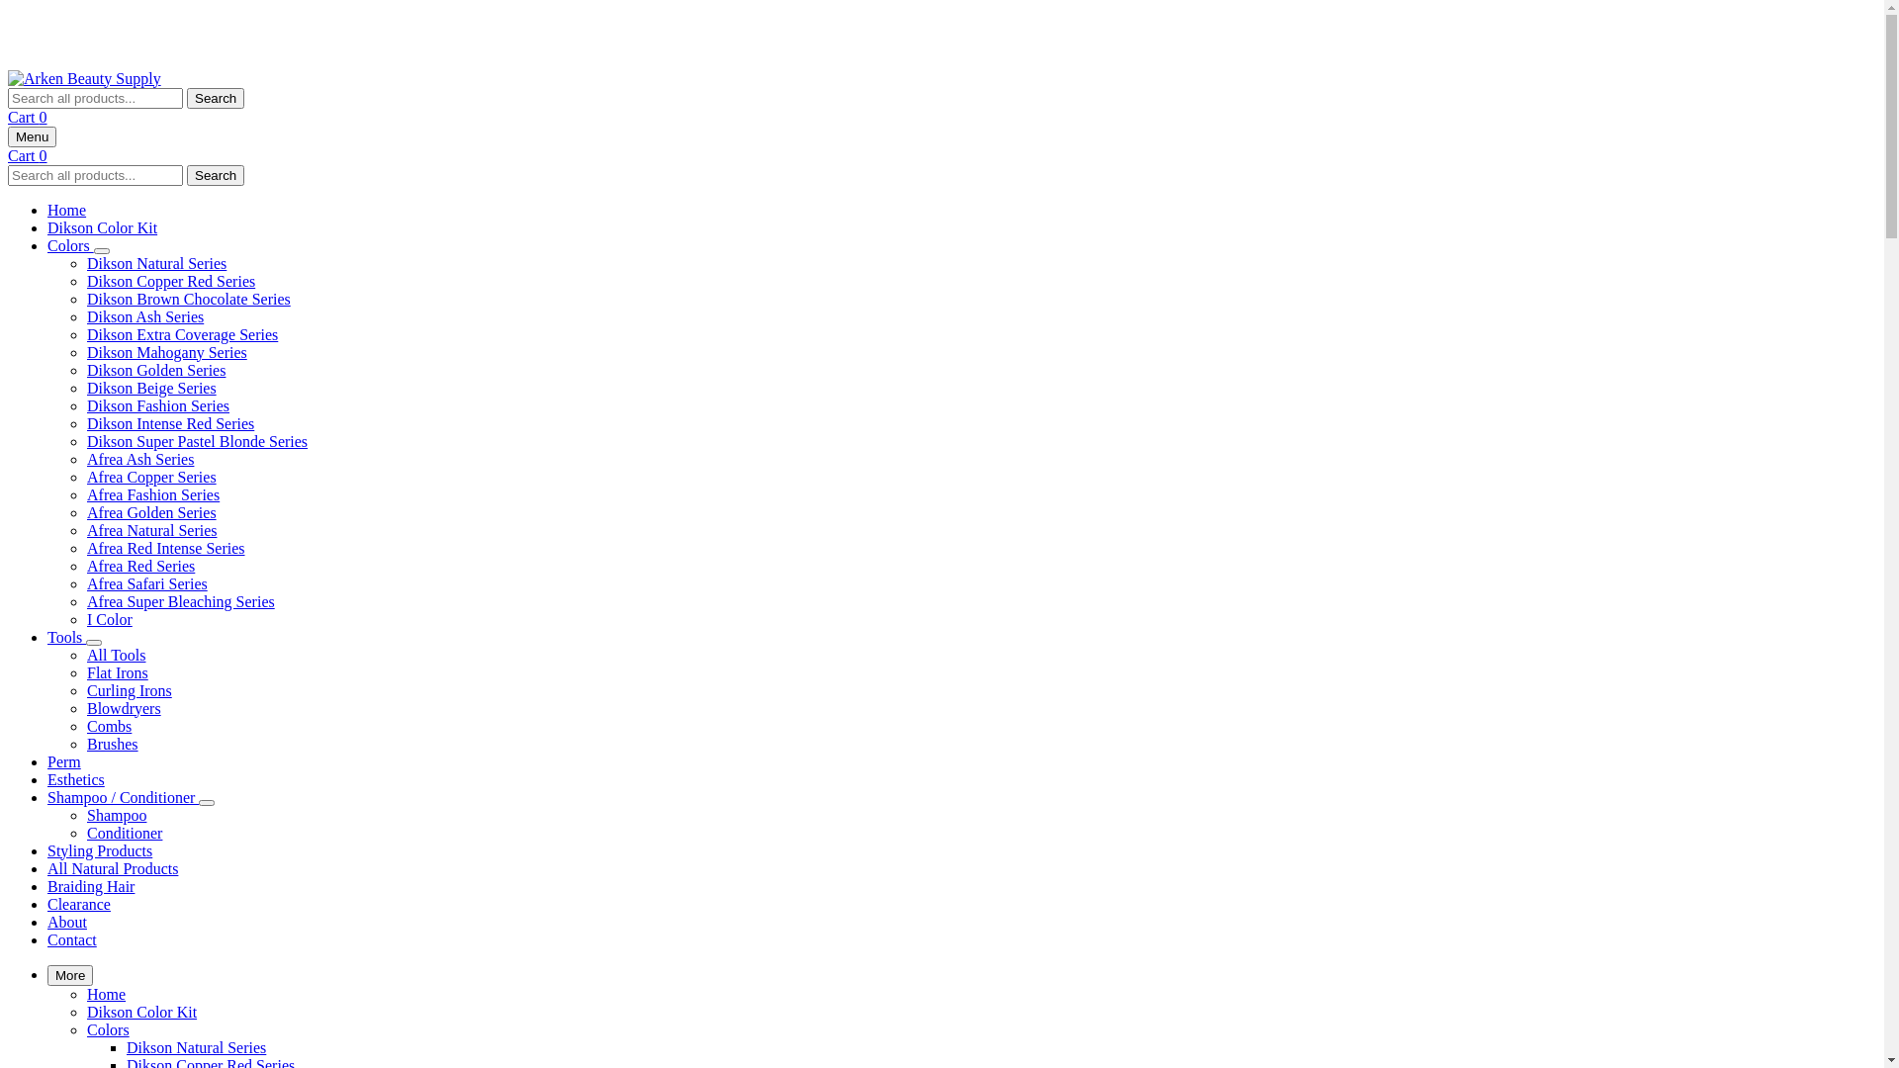 The width and height of the screenshot is (1899, 1068). What do you see at coordinates (98, 849) in the screenshot?
I see `'Styling Products'` at bounding box center [98, 849].